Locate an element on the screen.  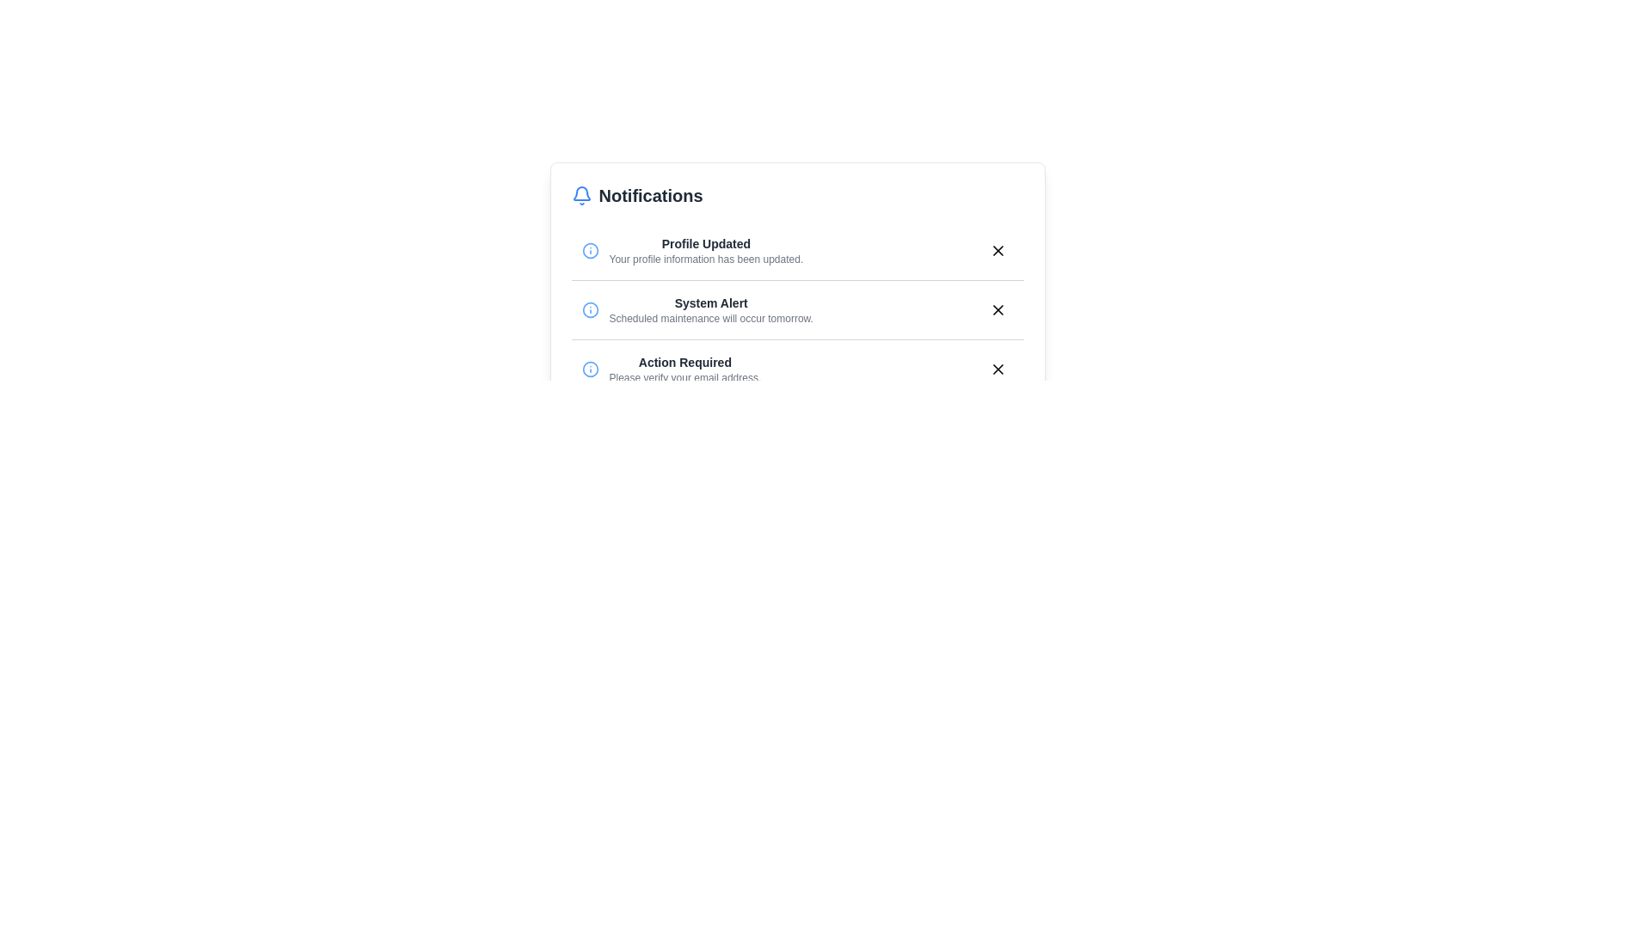
the static text label that provides supplementary information about the successful profile update, positioned below 'Profile Updated' within the notification card is located at coordinates (706, 259).